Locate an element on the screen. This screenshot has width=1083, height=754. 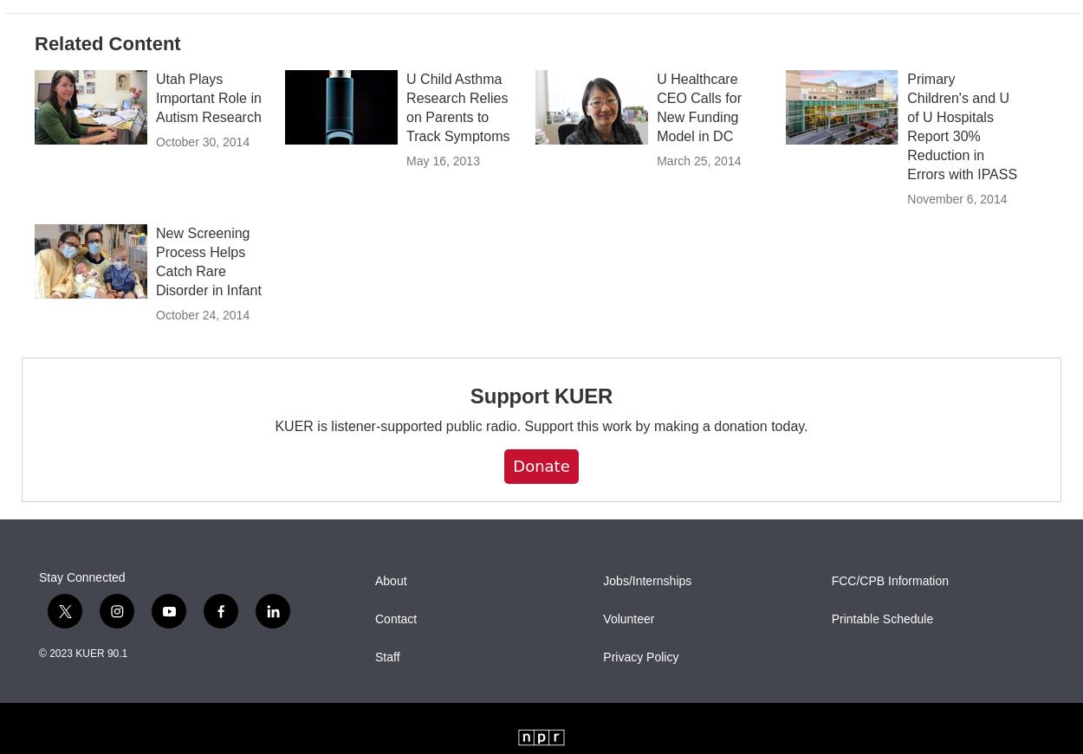
'Related Content' is located at coordinates (107, 80).